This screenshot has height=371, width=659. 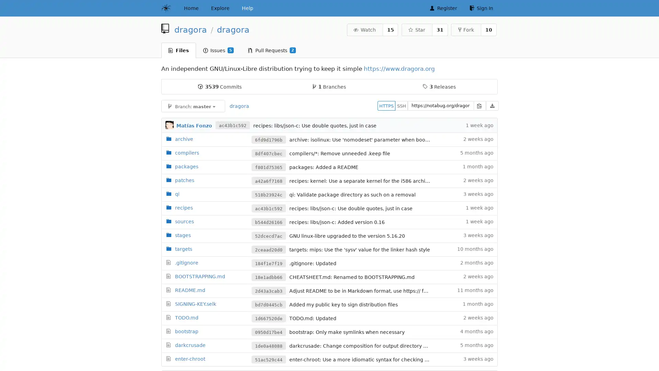 What do you see at coordinates (402, 105) in the screenshot?
I see `SSH` at bounding box center [402, 105].